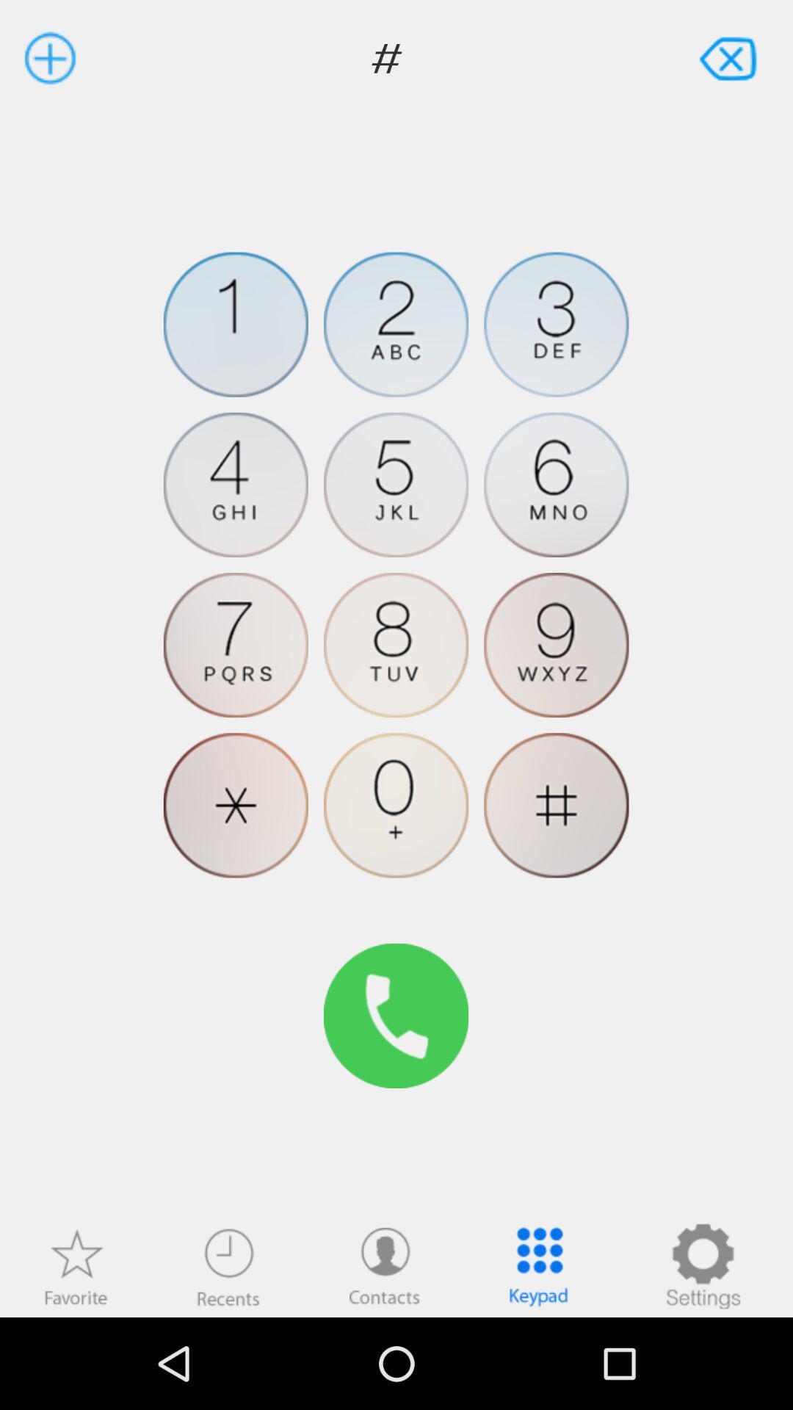  What do you see at coordinates (556, 324) in the screenshot?
I see `3` at bounding box center [556, 324].